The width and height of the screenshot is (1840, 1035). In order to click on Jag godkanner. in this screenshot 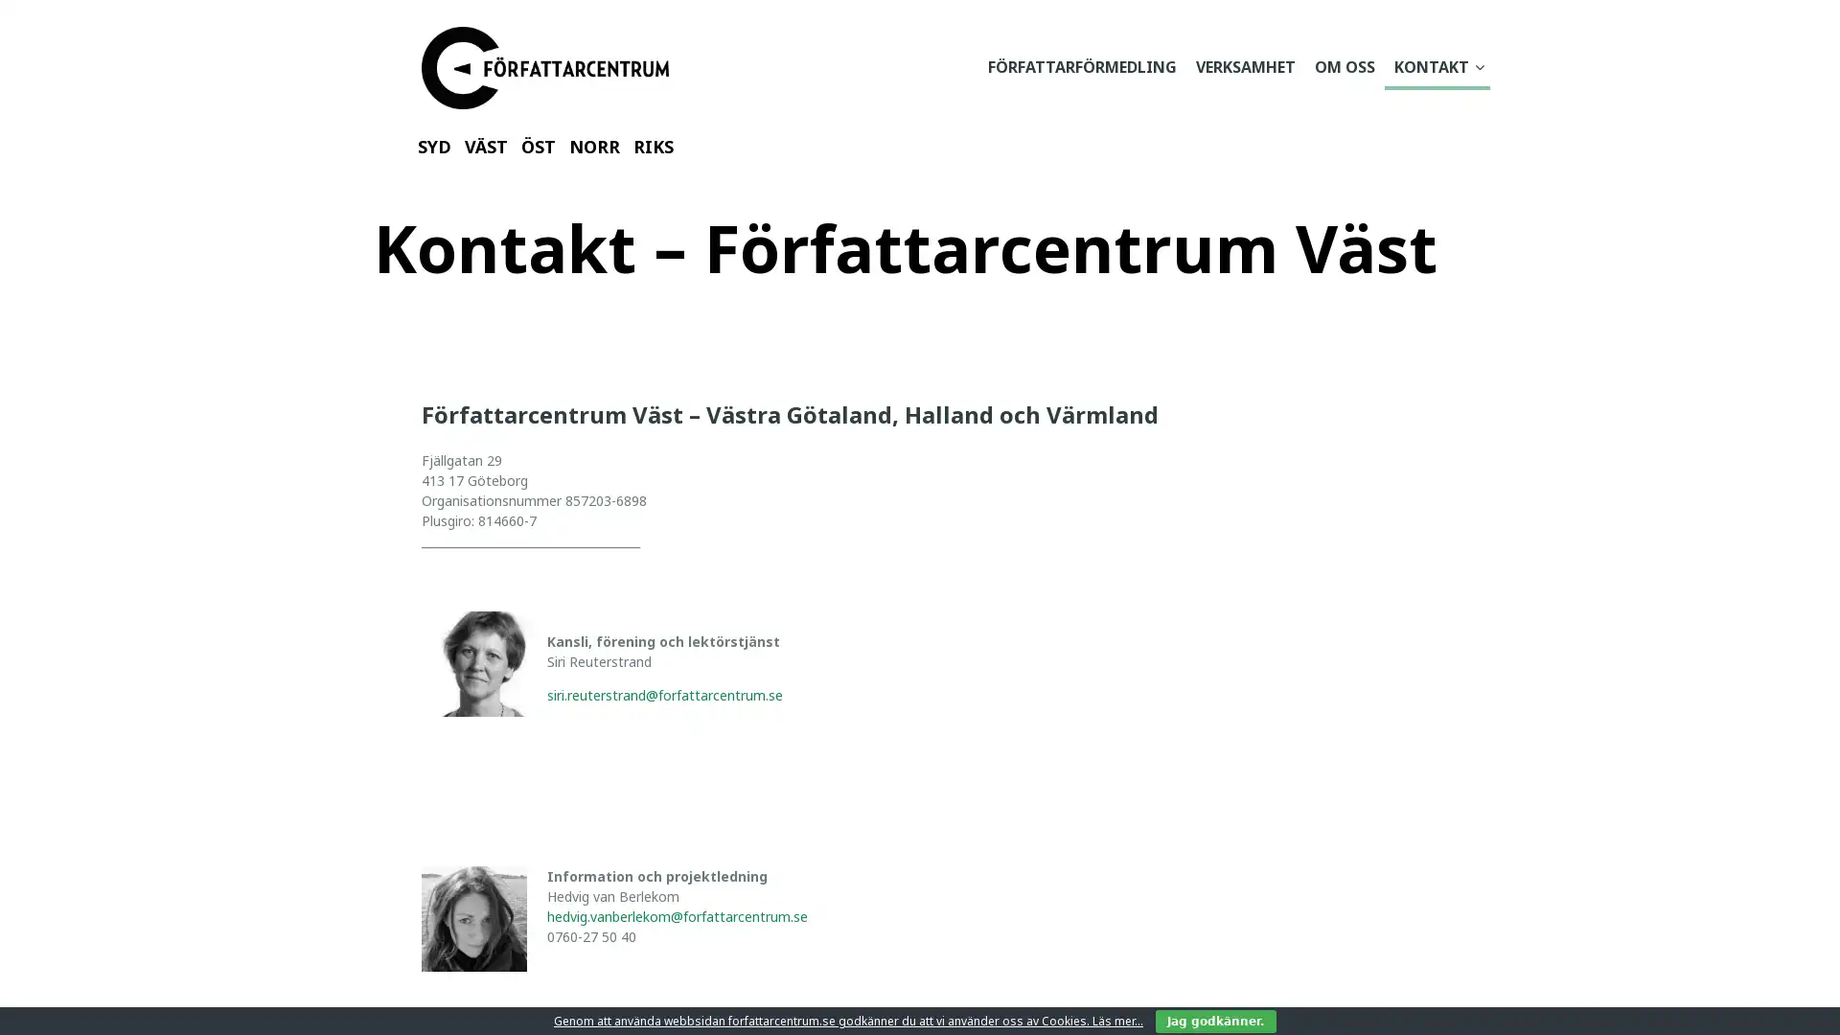, I will do `click(1214, 1020)`.